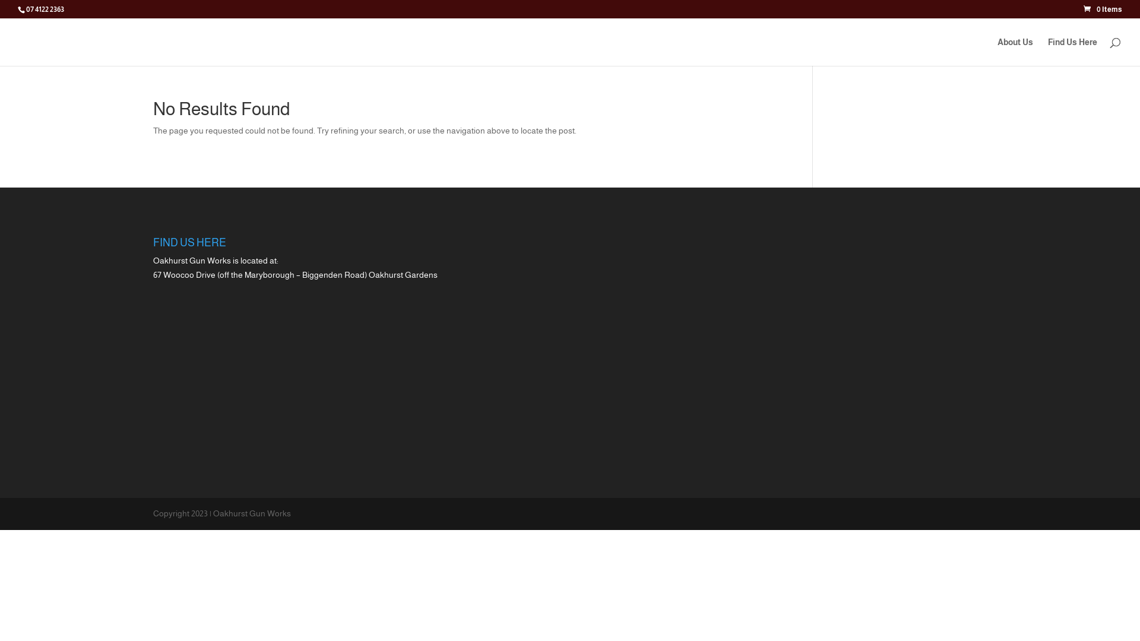 The width and height of the screenshot is (1140, 641). Describe the element at coordinates (1014, 51) in the screenshot. I see `'About Us'` at that location.